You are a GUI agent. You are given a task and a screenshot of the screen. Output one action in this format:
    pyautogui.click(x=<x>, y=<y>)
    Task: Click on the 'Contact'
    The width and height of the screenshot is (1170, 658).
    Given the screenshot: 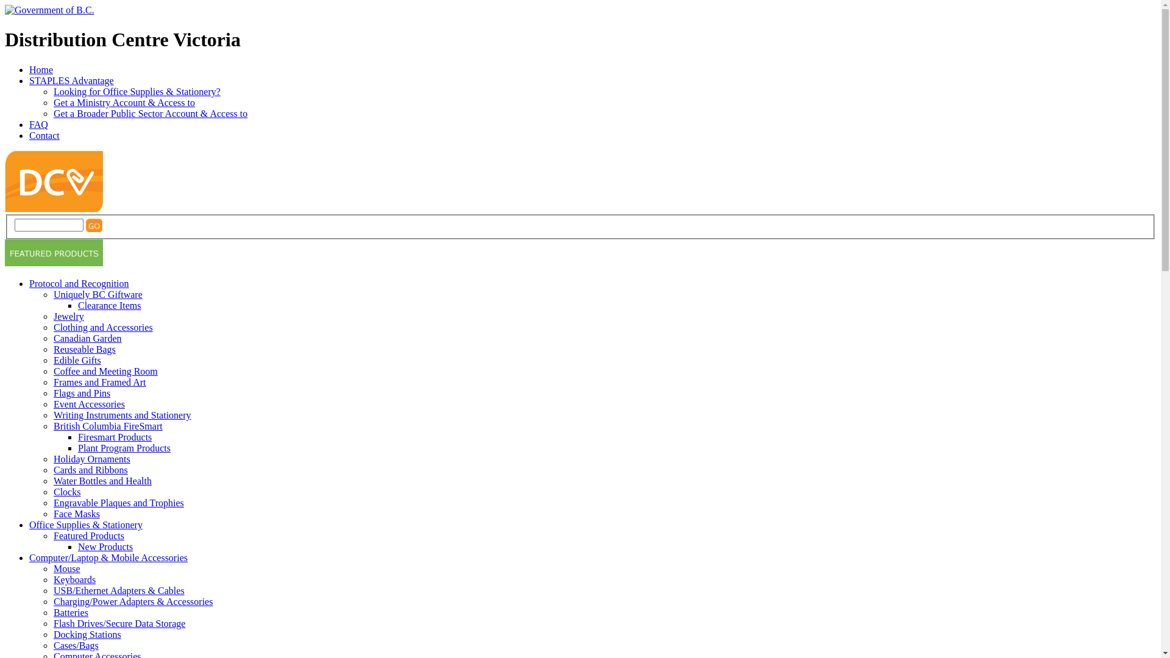 What is the action you would take?
    pyautogui.click(x=44, y=135)
    